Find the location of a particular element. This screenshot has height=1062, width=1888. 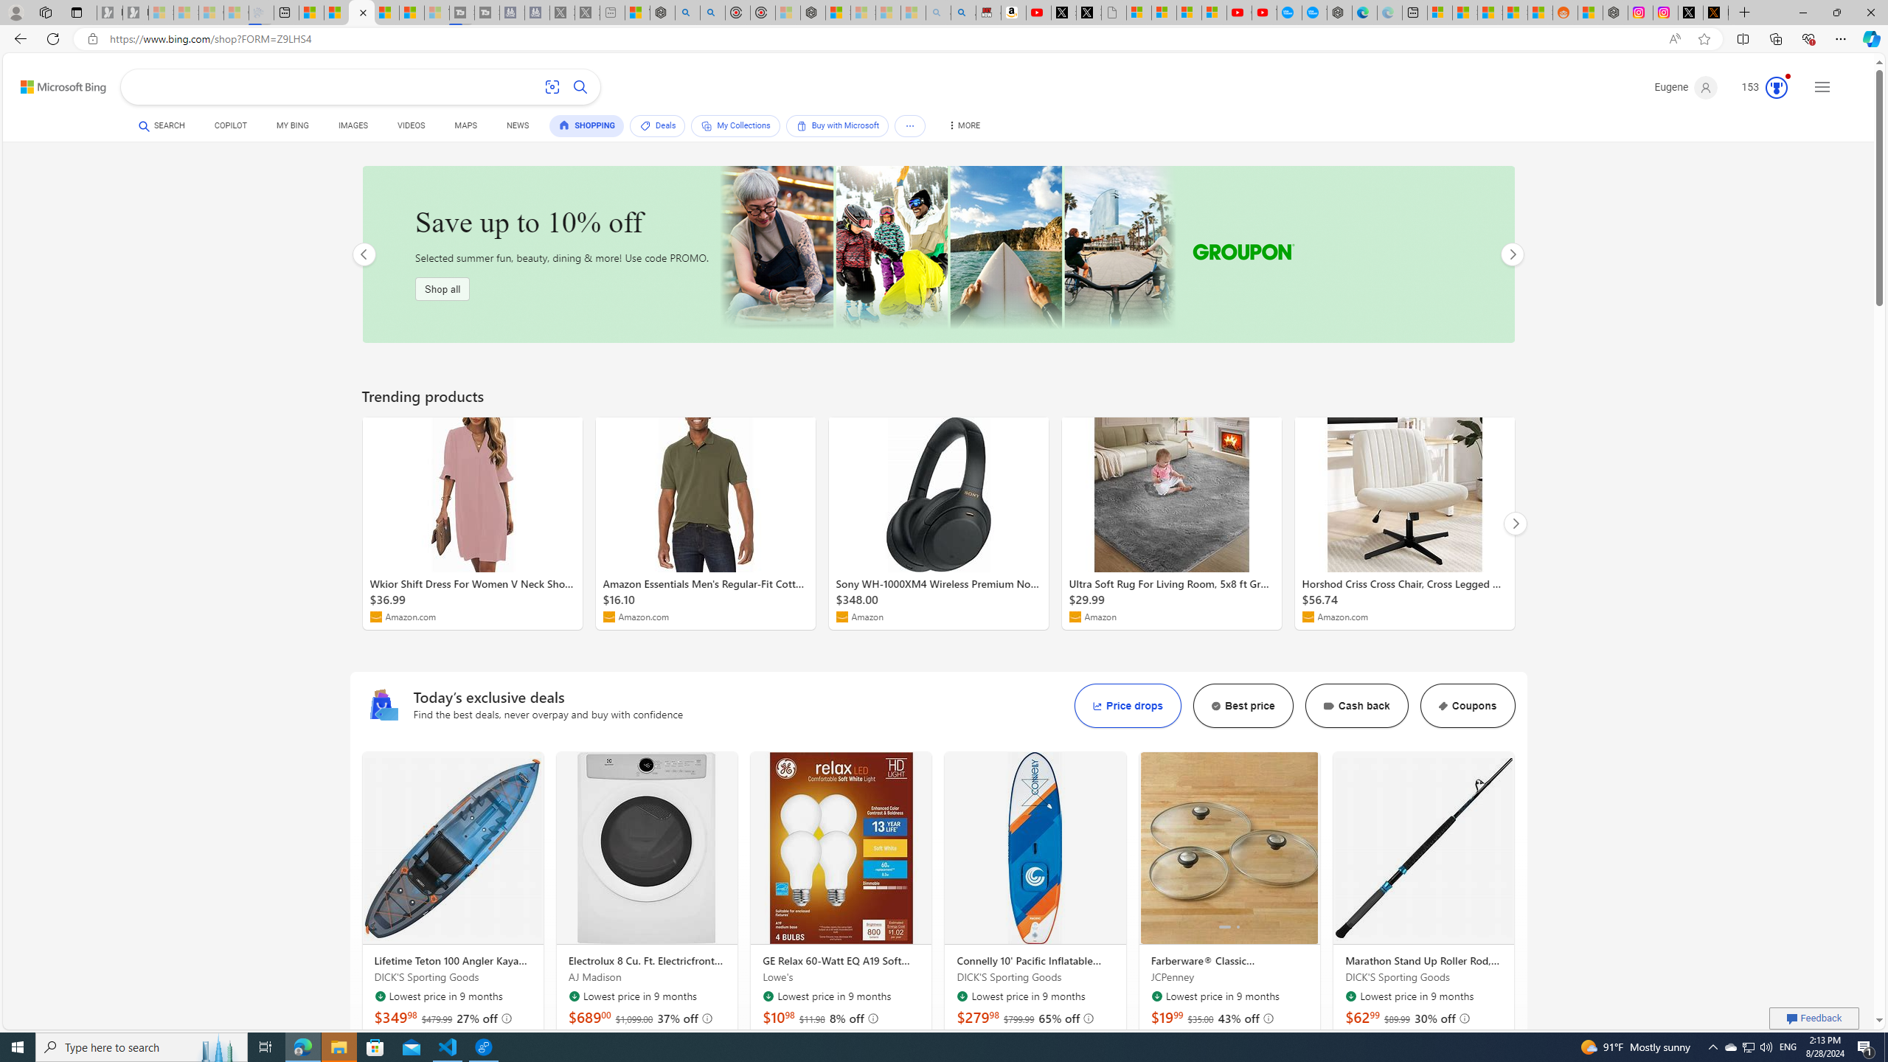

'COPILOT' is located at coordinates (231, 127).